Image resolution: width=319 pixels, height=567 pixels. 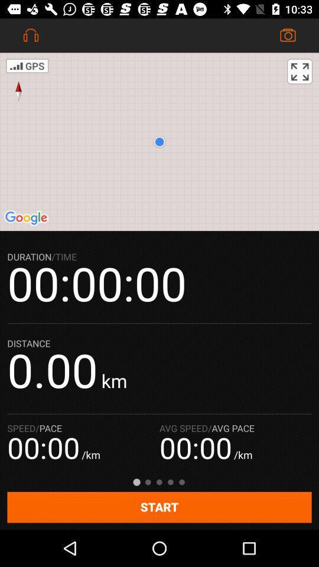 I want to click on icon above duration/time item, so click(x=159, y=142).